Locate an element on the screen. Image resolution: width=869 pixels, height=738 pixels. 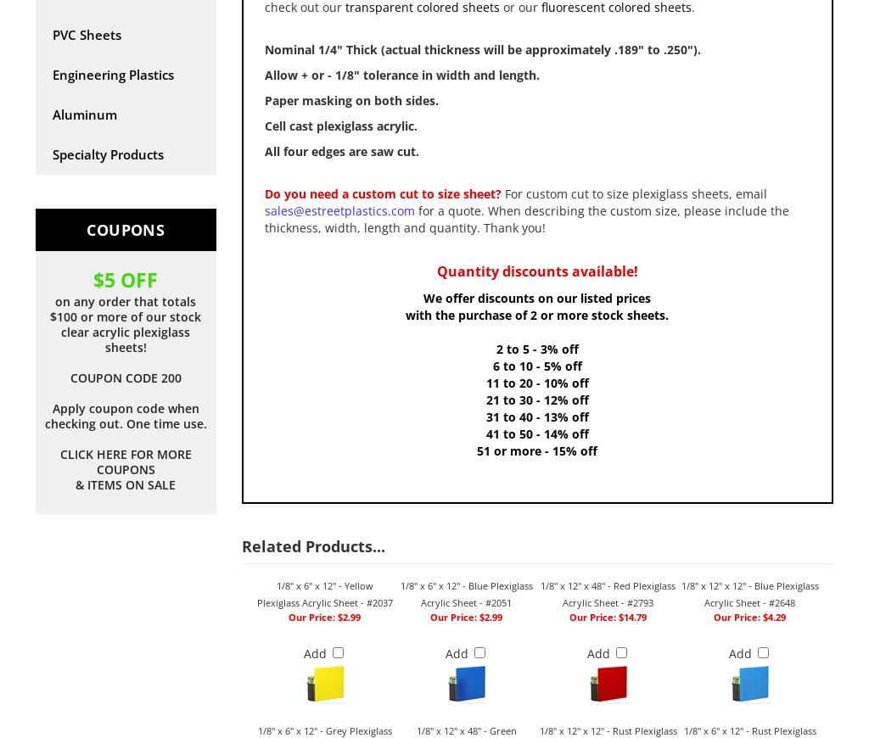
'Specialty Products' is located at coordinates (108, 154).